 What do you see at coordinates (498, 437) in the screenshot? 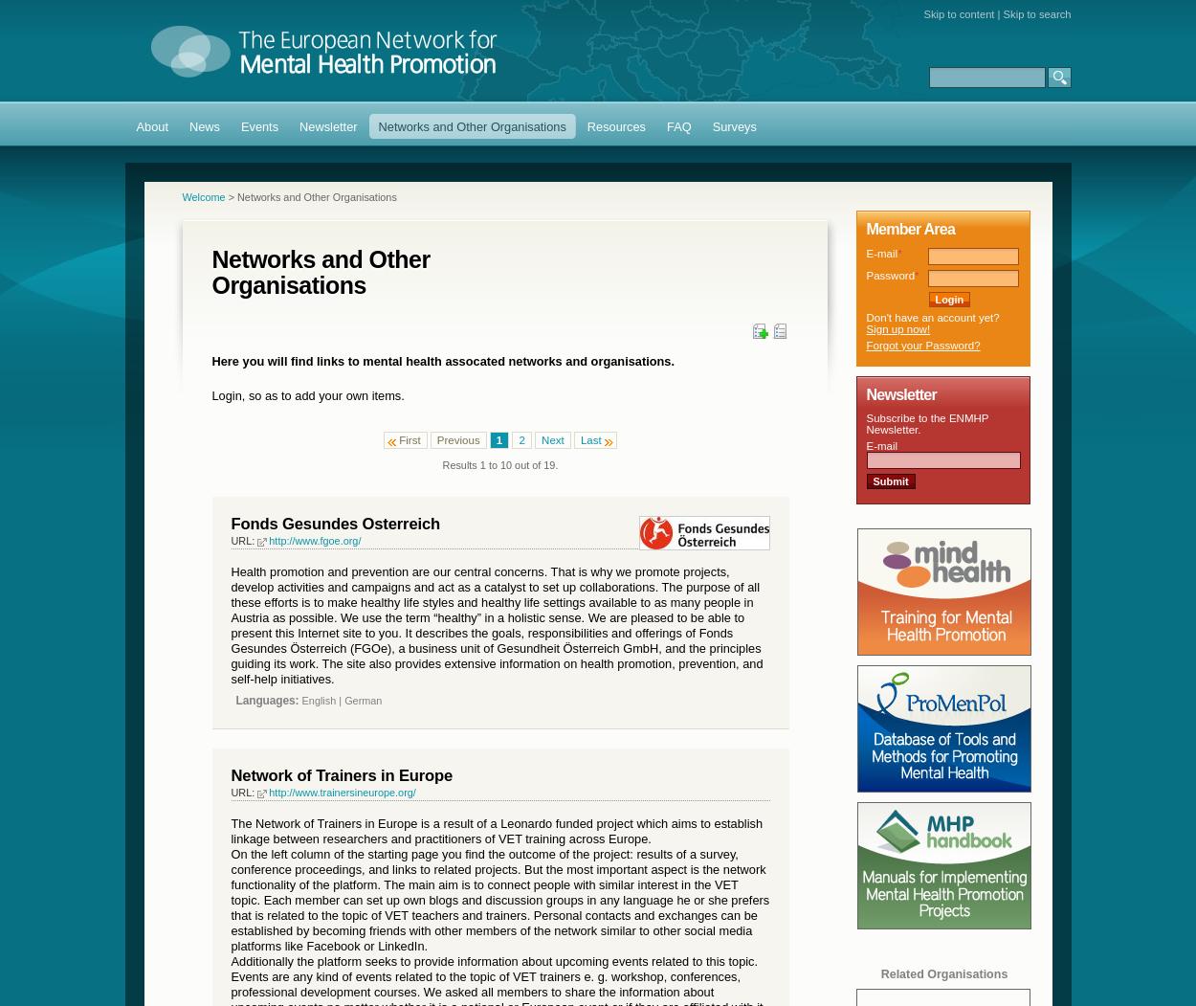
I see `'1'` at bounding box center [498, 437].